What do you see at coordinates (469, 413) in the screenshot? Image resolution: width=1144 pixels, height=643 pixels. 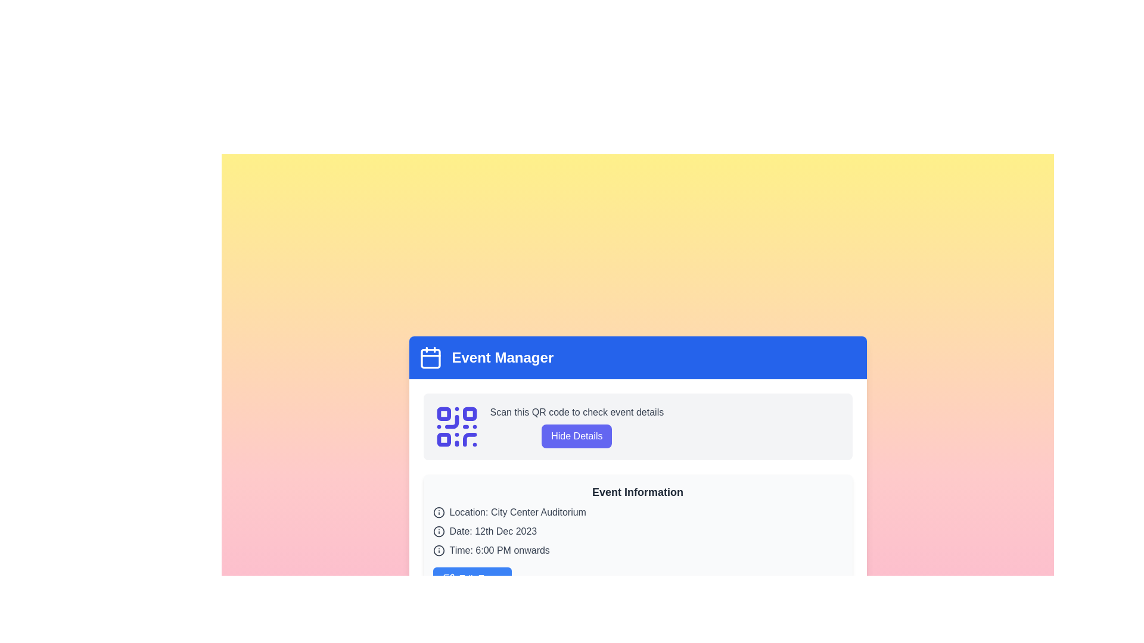 I see `the decorative square with rounded corners that is part of the QR code icon, located near the top right corner, specifically the second small square among the three visible squares` at bounding box center [469, 413].